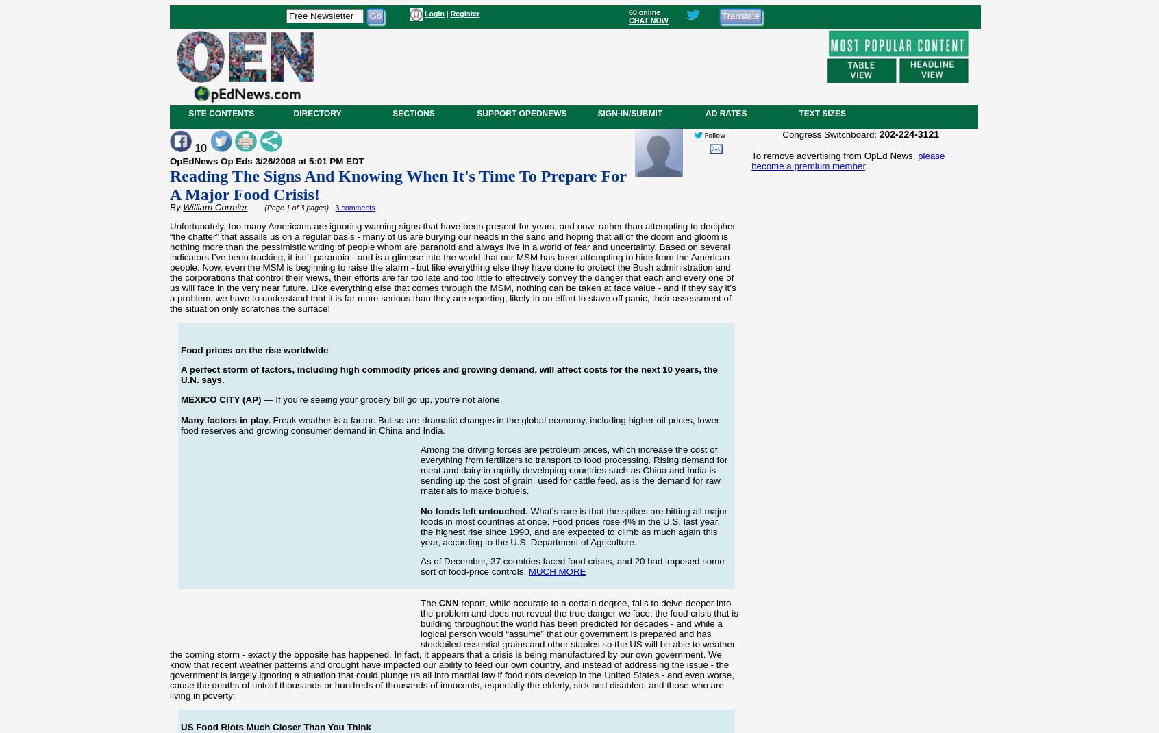 The height and width of the screenshot is (733, 1159). I want to click on 'Freak weather is a factor. But so are dramatic changes in the global economy, including higher oil prices, lower food reserves and growing consumer demand in China and India.', so click(450, 423).